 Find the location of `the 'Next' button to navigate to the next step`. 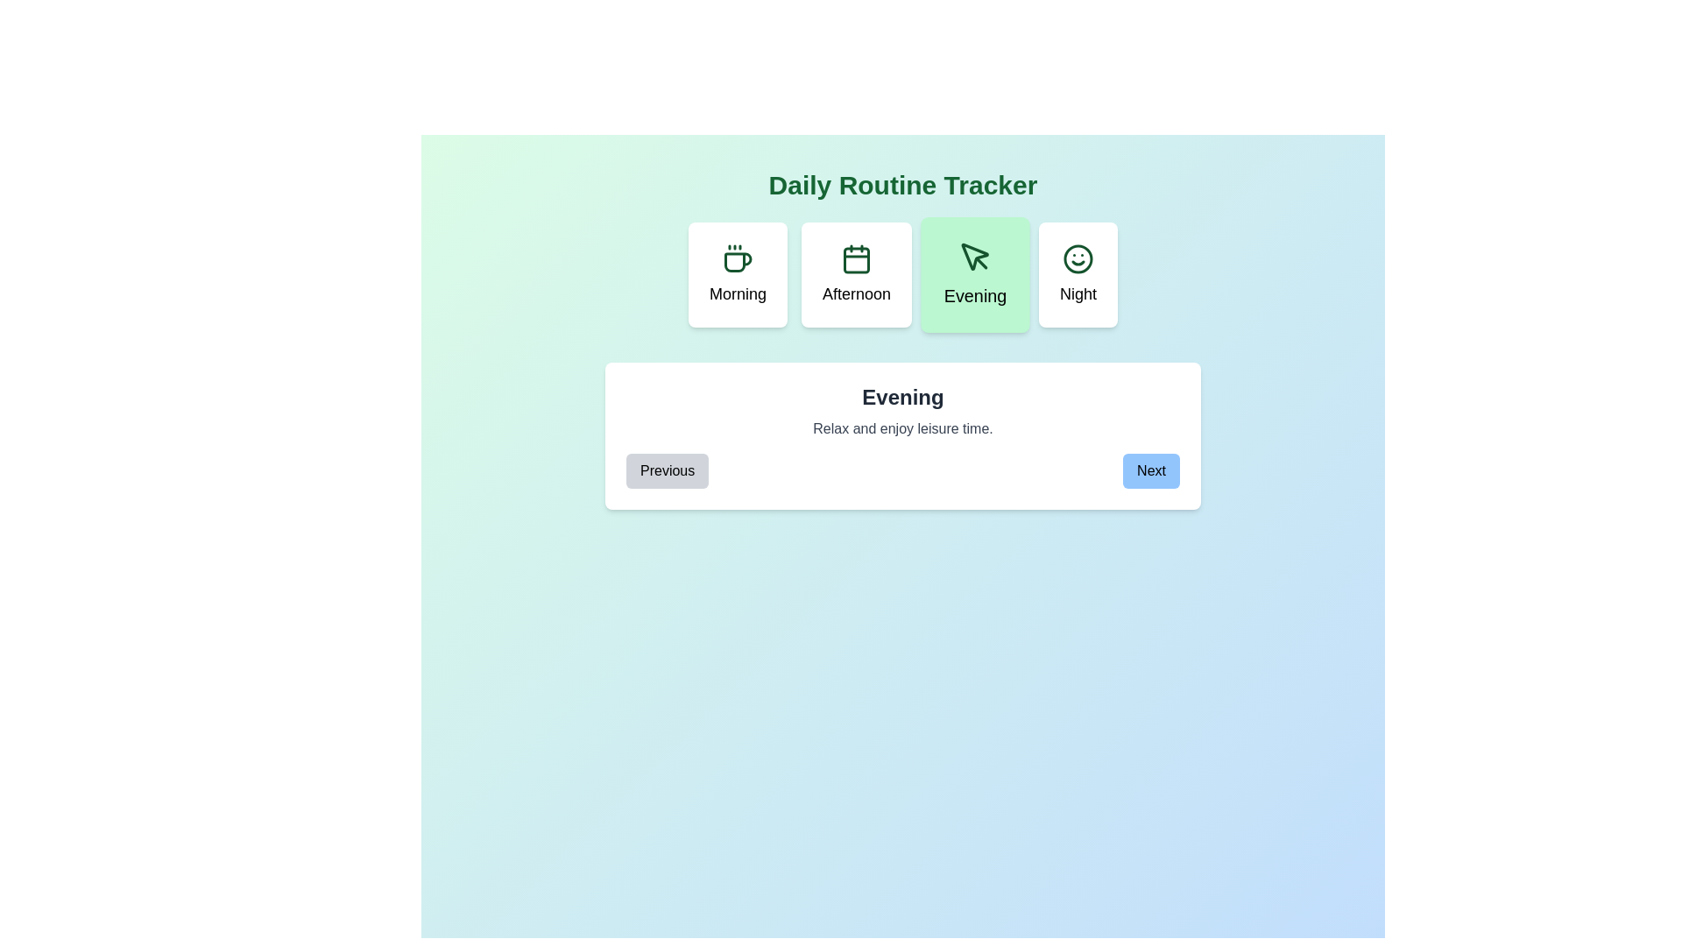

the 'Next' button to navigate to the next step is located at coordinates (1151, 469).